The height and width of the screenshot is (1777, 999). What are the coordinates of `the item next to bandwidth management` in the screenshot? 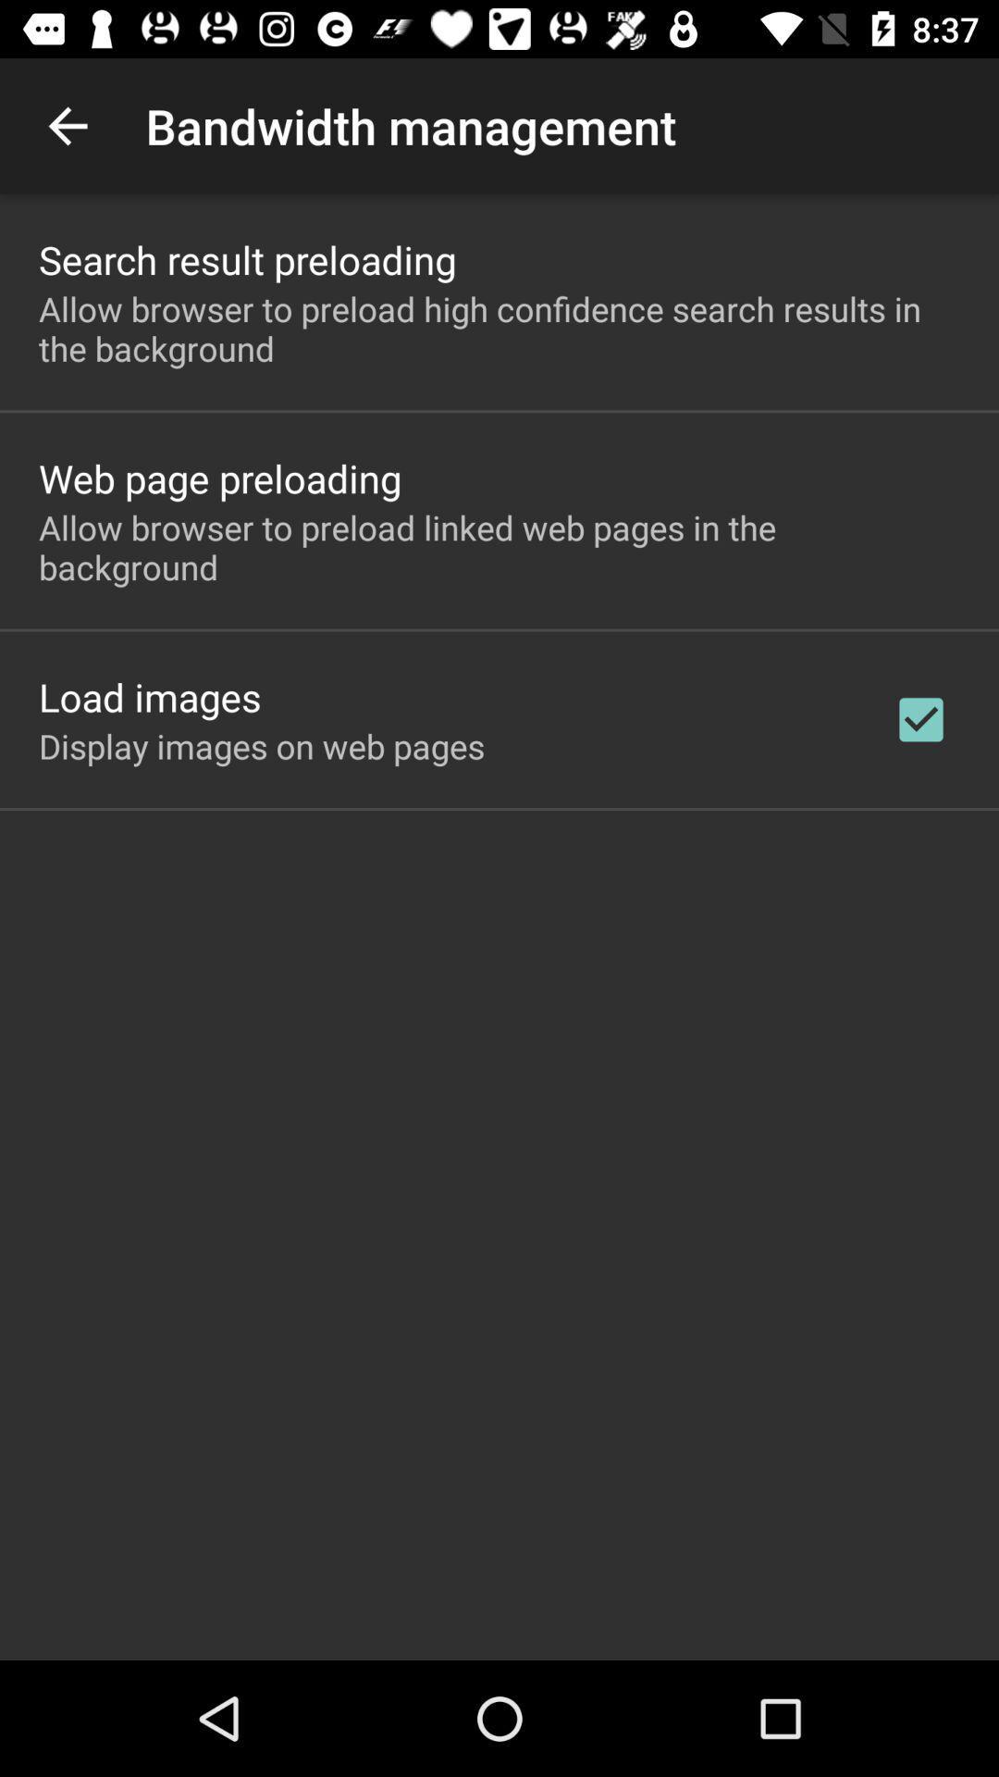 It's located at (67, 125).